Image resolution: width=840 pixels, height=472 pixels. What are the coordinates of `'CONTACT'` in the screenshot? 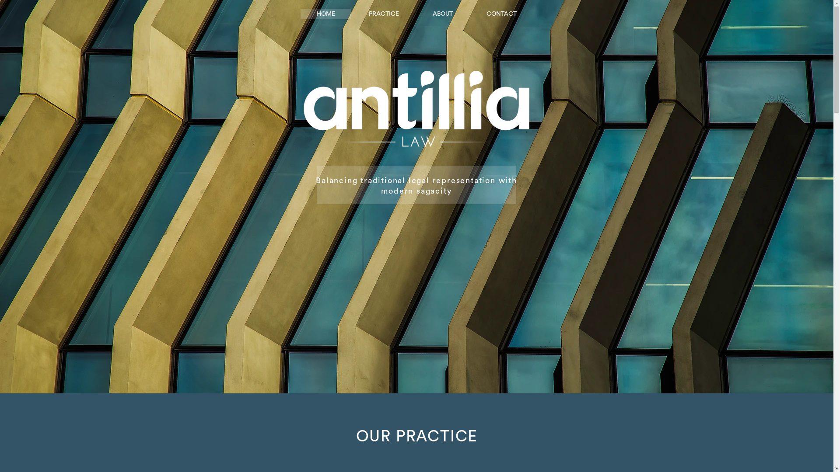 It's located at (470, 14).